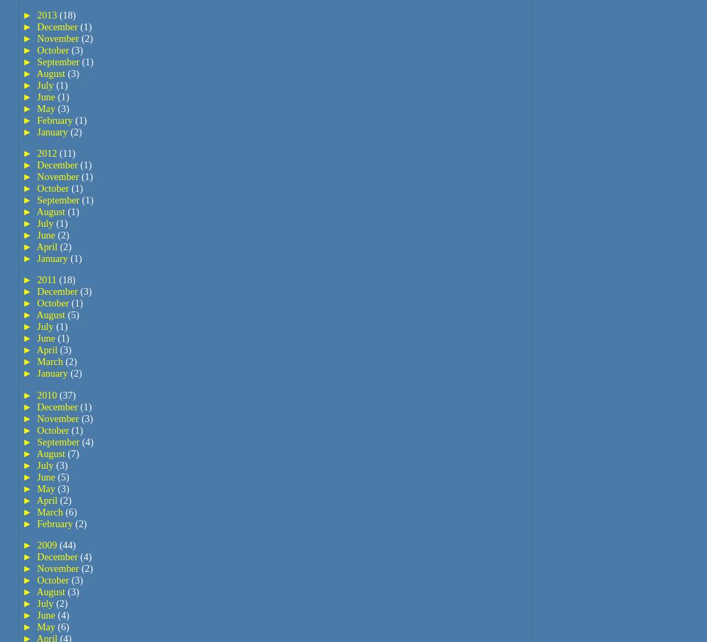 The height and width of the screenshot is (642, 707). What do you see at coordinates (47, 14) in the screenshot?
I see `'2013'` at bounding box center [47, 14].